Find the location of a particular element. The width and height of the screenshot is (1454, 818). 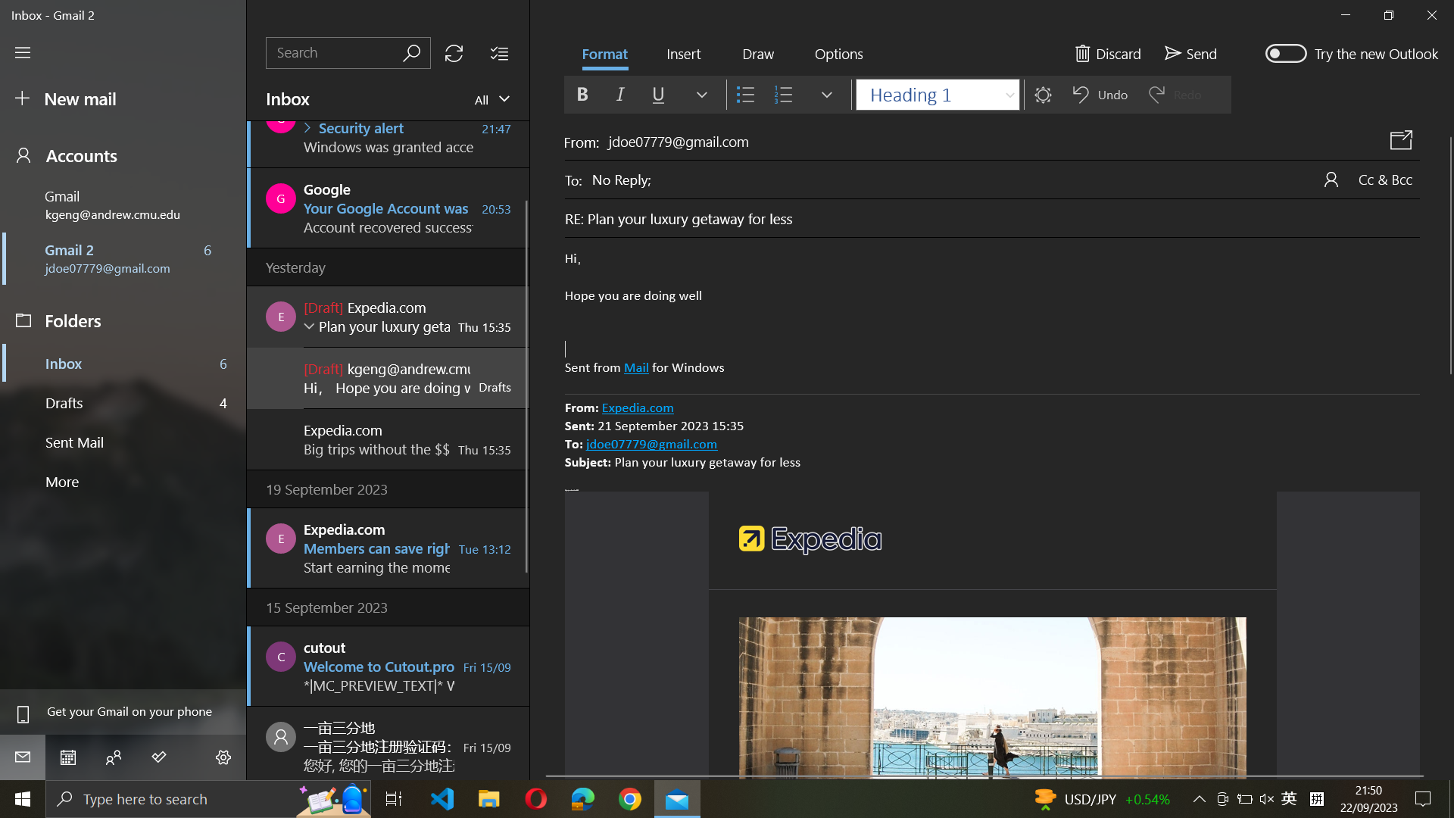

Switch account email to kgeng@andrew.cmu.edu is located at coordinates (126, 203).